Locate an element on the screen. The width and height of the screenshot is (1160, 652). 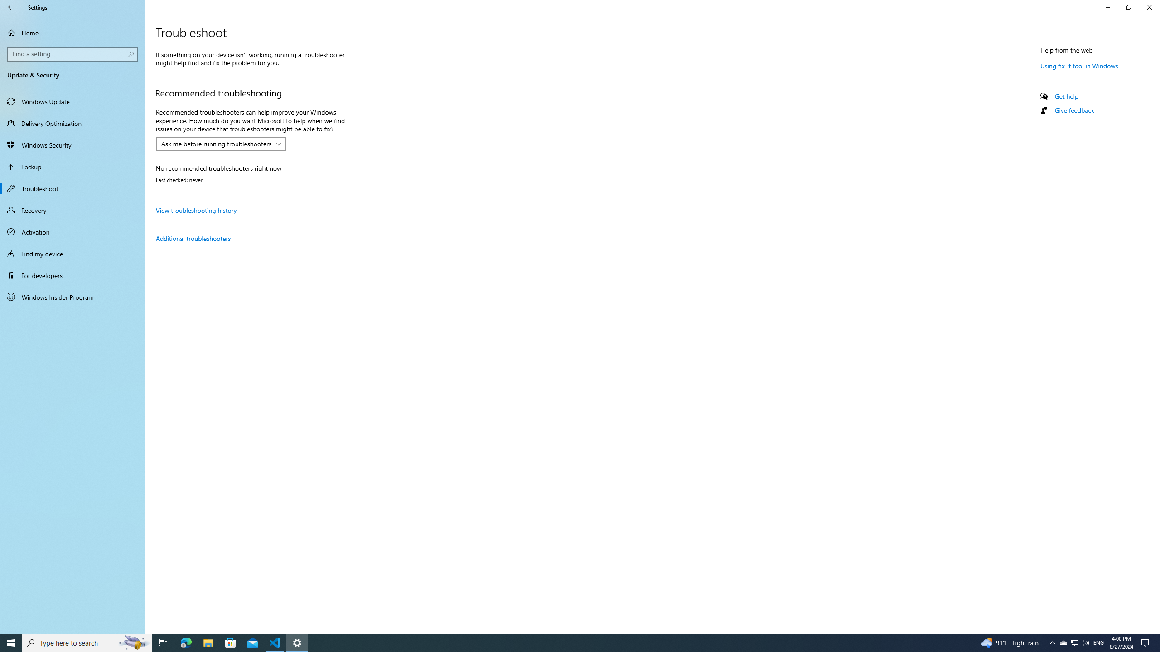
'Windows Security' is located at coordinates (72, 144).